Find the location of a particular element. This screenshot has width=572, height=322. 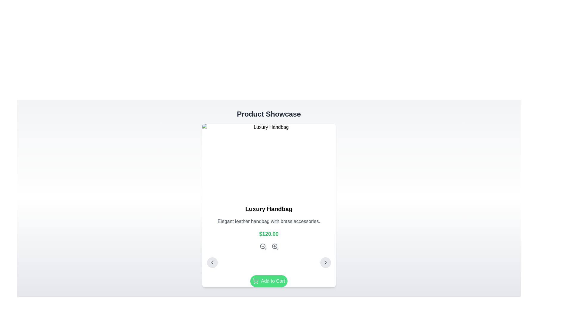

the chevron-shaped icon embedded within the circular button at the bottom-right corner of the product display card is located at coordinates (325, 262).